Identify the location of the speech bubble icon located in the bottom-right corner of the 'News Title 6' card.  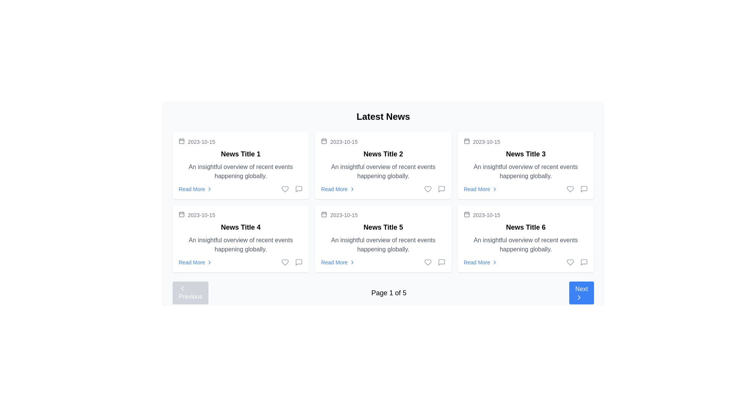
(584, 262).